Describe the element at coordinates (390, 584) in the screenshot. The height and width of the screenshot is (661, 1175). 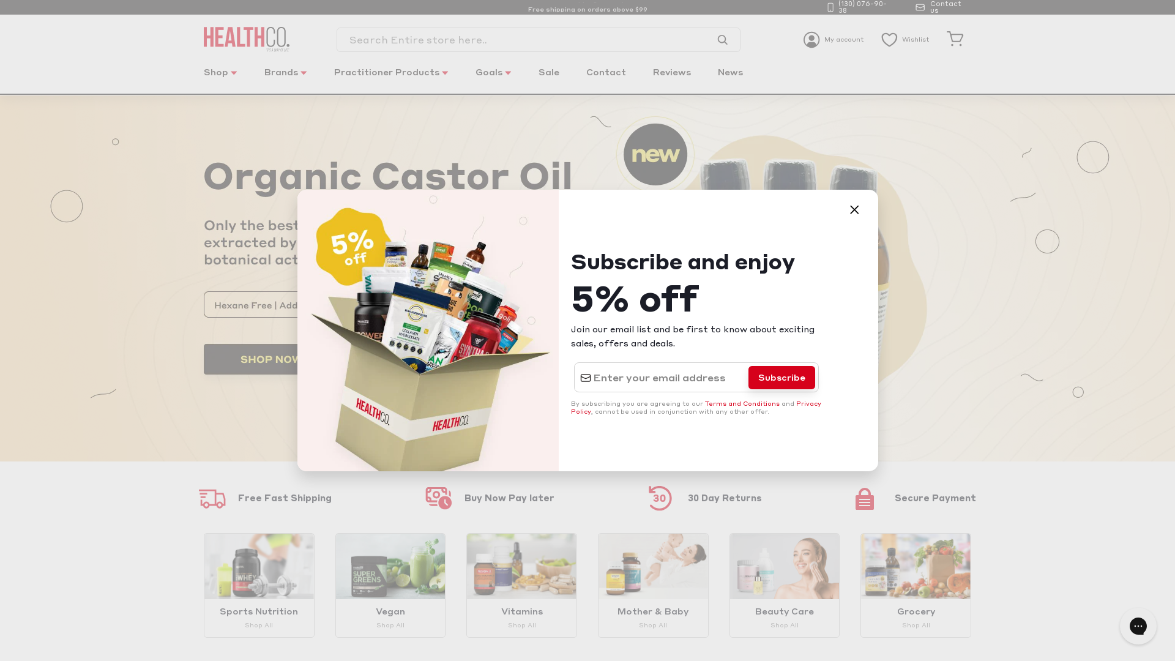
I see `'Vegan` at that location.